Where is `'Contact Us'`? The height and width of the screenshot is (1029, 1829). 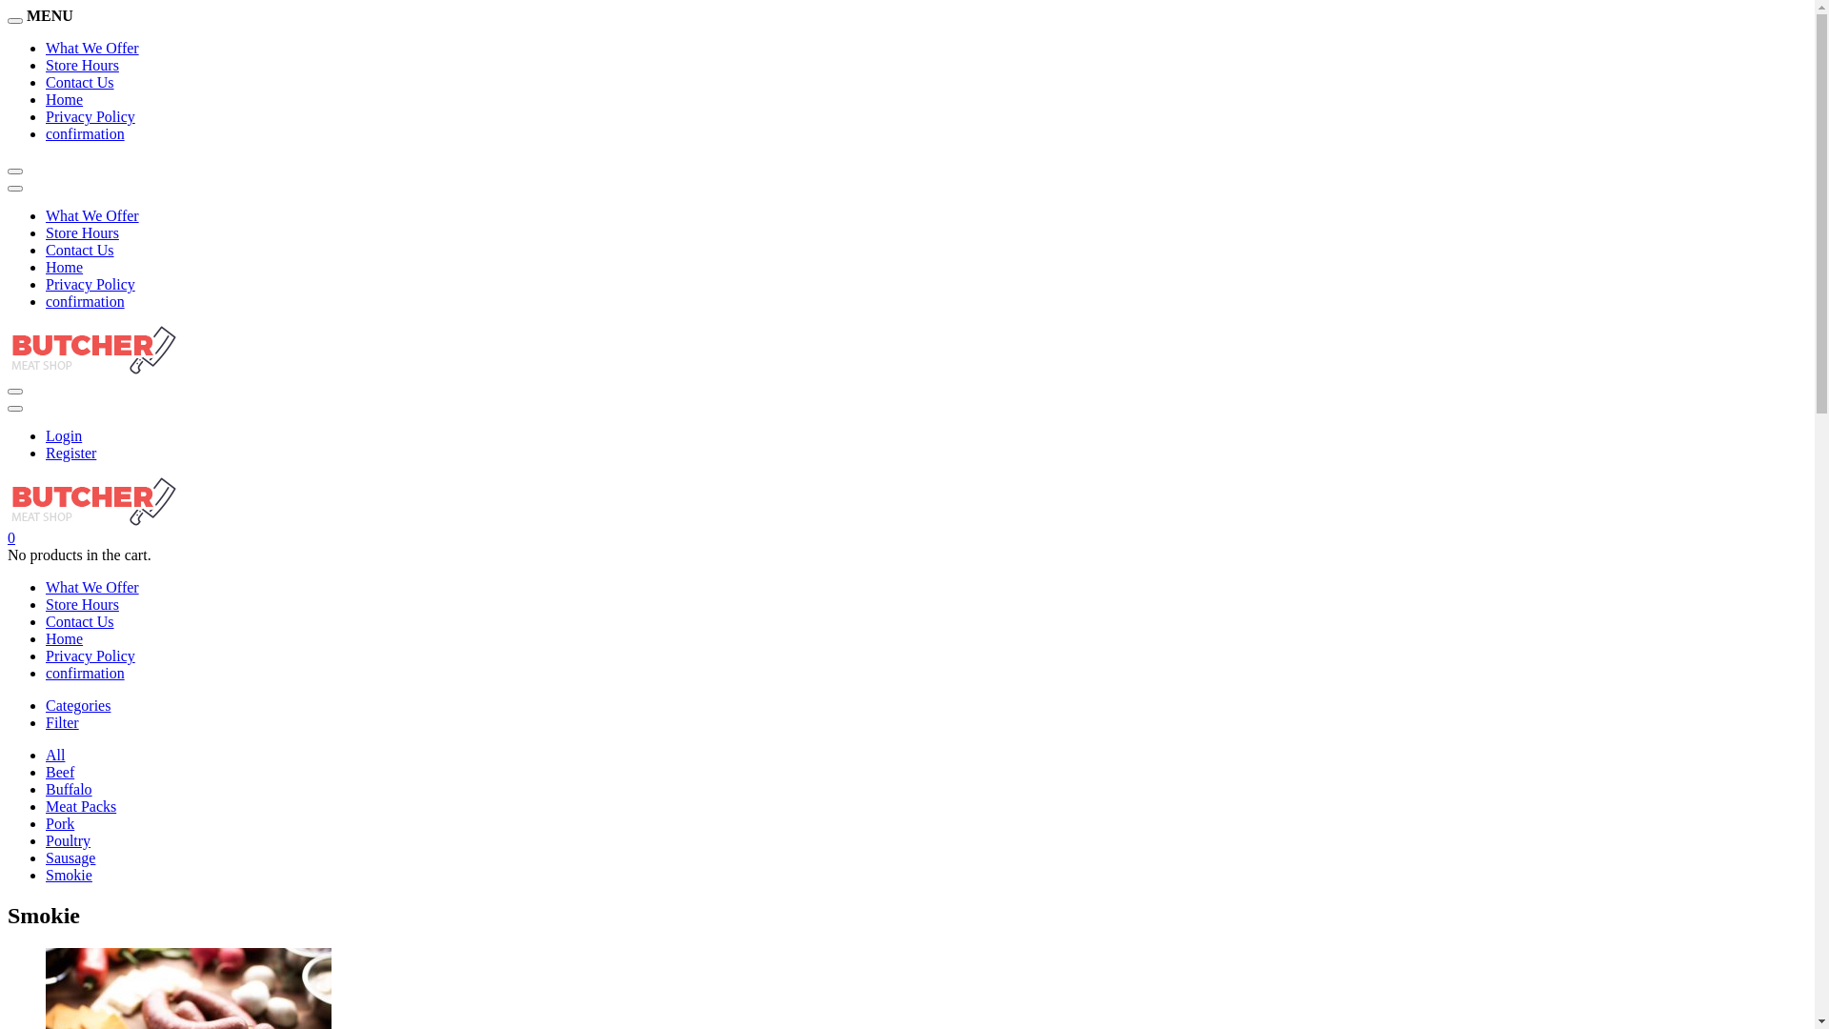 'Contact Us' is located at coordinates (78, 621).